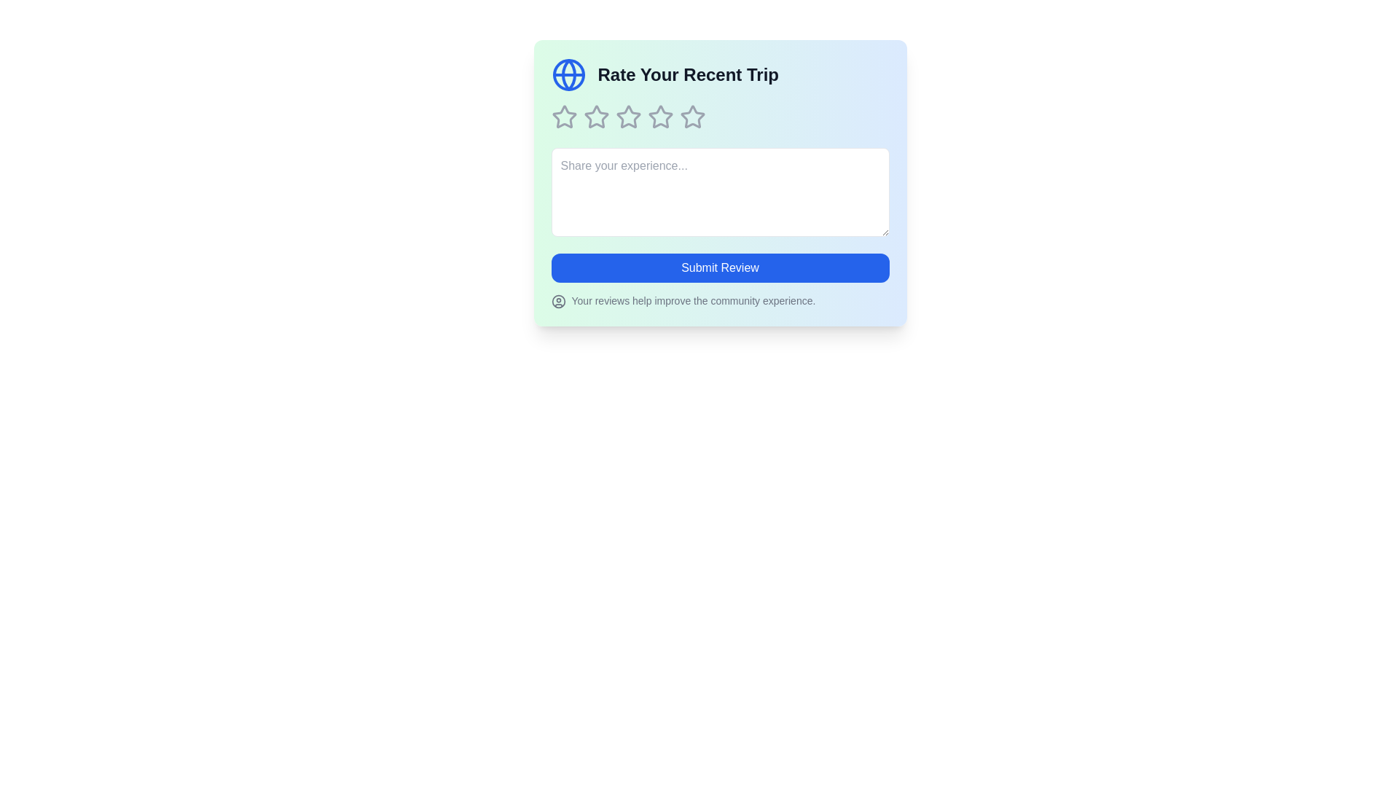  I want to click on the star corresponding to 1, so click(563, 117).